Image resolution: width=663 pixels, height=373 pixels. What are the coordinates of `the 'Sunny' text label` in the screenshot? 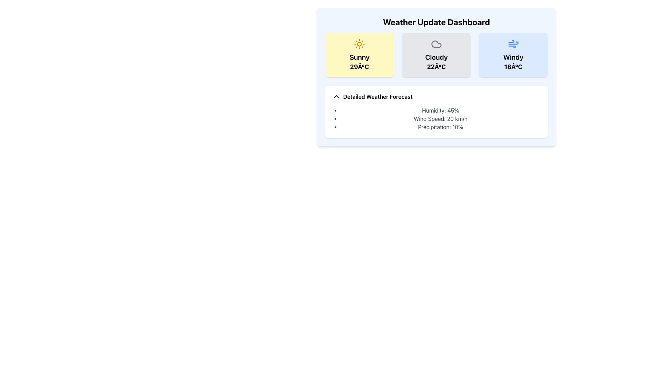 It's located at (359, 57).